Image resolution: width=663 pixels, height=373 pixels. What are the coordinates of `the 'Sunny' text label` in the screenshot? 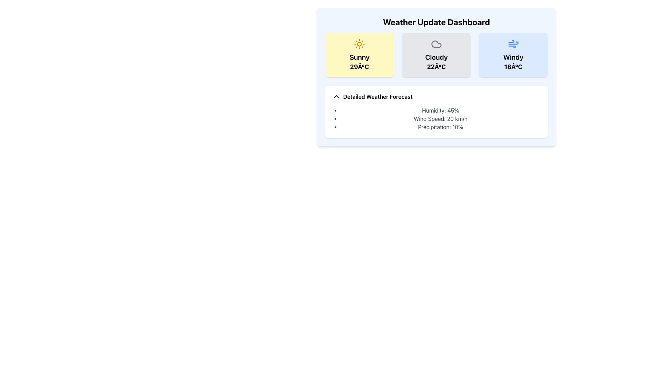 It's located at (359, 57).